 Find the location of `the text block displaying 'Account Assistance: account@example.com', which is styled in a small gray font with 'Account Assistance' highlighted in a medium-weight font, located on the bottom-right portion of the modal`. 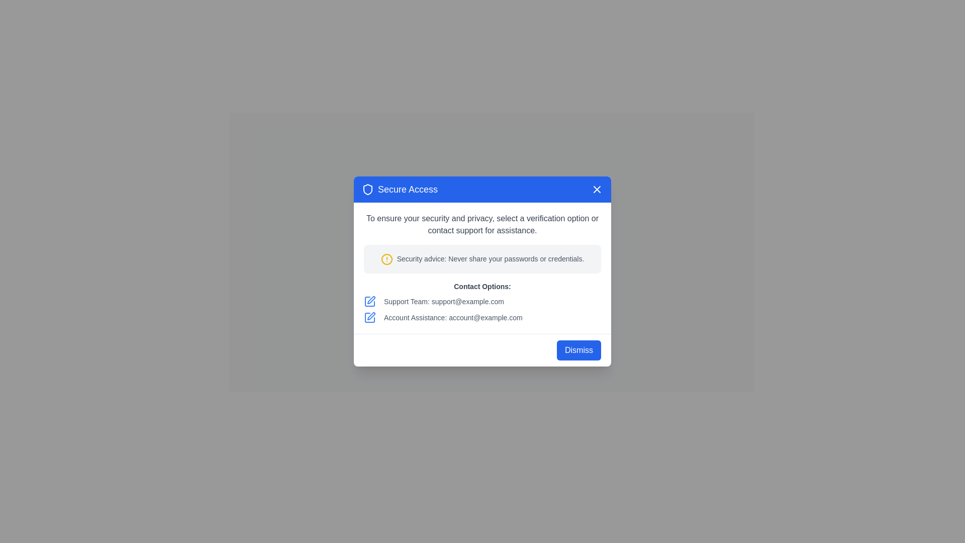

the text block displaying 'Account Assistance: account@example.com', which is styled in a small gray font with 'Account Assistance' highlighted in a medium-weight font, located on the bottom-right portion of the modal is located at coordinates (452, 317).